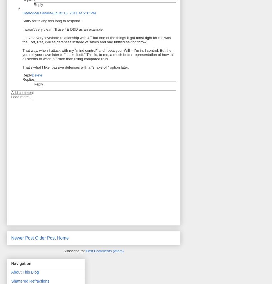  I want to click on 'About This Blog', so click(25, 272).